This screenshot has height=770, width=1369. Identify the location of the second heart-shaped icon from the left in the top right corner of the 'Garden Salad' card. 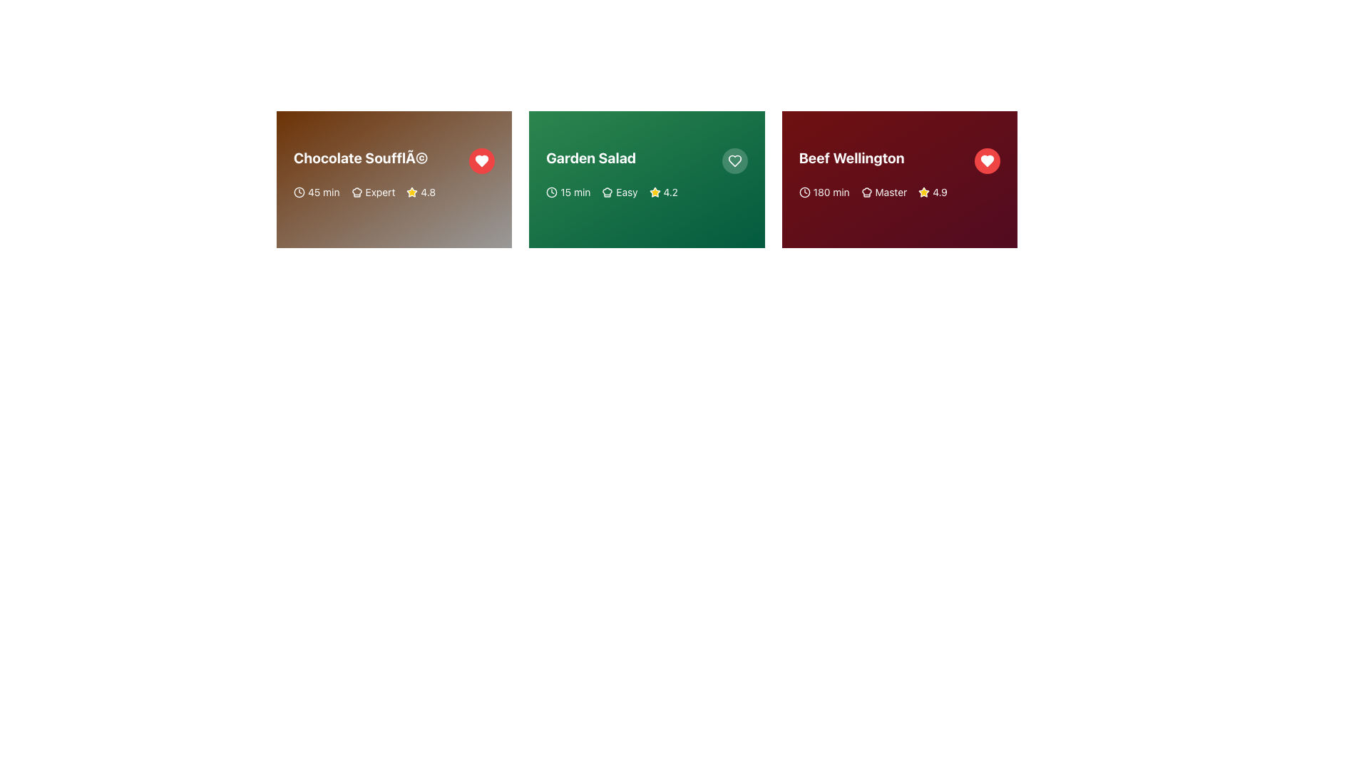
(734, 160).